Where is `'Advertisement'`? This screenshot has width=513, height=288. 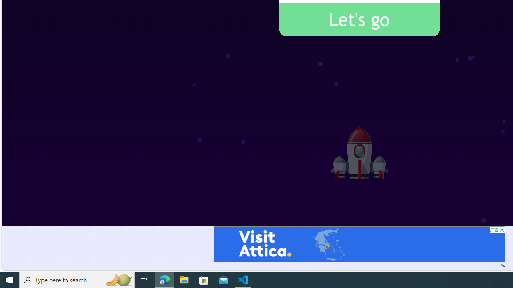 'Advertisement' is located at coordinates (359, 244).